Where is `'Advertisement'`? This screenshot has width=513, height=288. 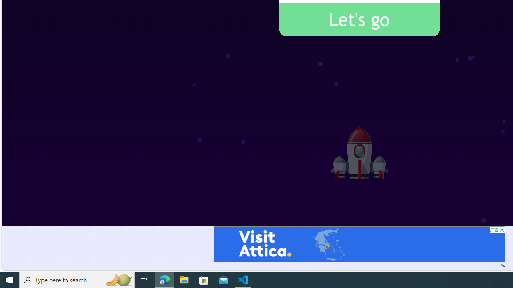 'Advertisement' is located at coordinates (359, 244).